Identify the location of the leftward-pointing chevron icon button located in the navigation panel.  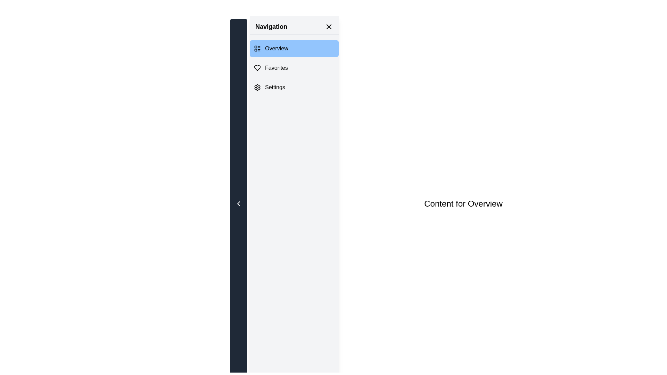
(238, 203).